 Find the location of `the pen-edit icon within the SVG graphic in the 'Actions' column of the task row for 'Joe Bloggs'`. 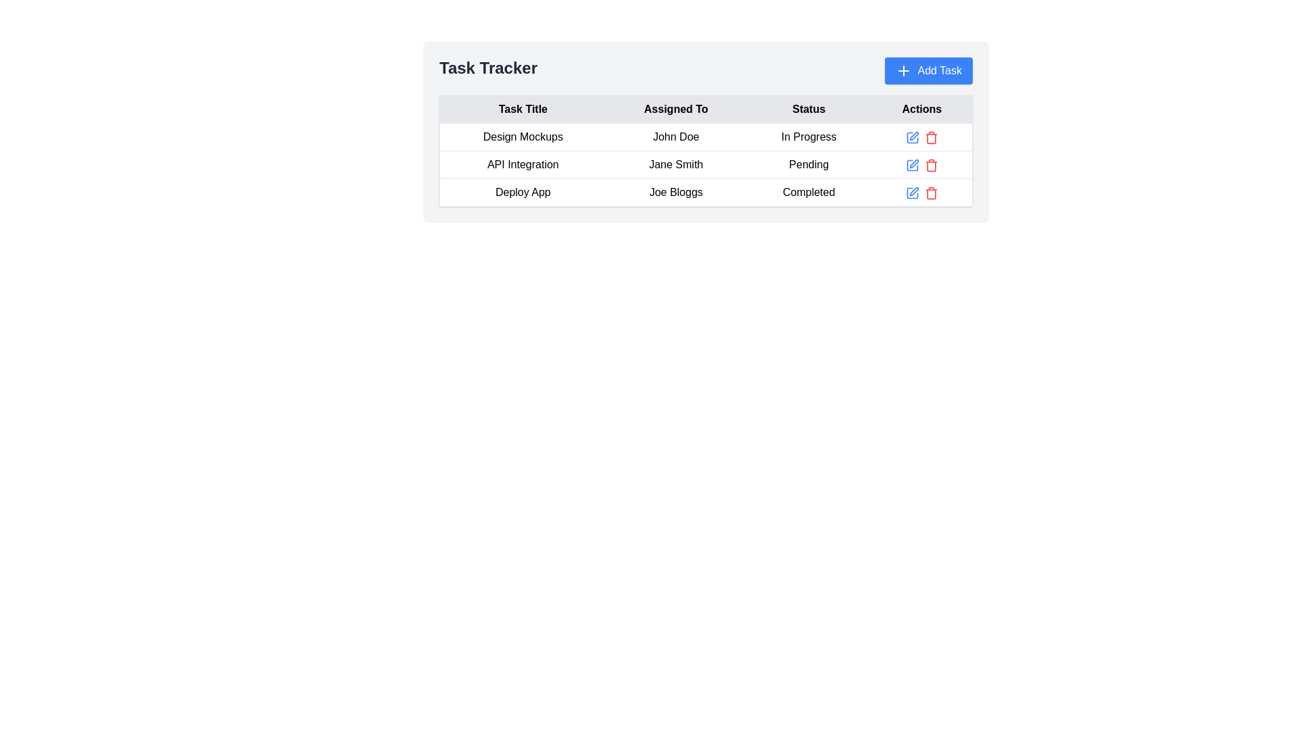

the pen-edit icon within the SVG graphic in the 'Actions' column of the task row for 'Joe Bloggs' is located at coordinates (912, 193).